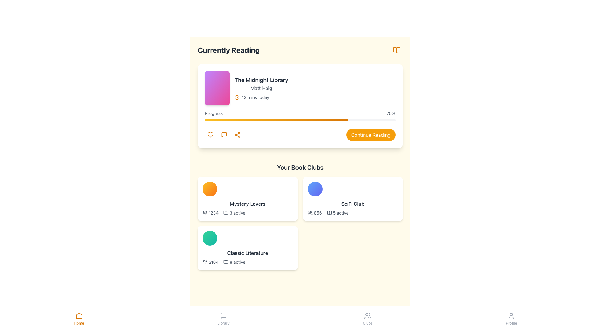 This screenshot has height=332, width=591. What do you see at coordinates (223, 323) in the screenshot?
I see `text label 'Library' located in the bottom navigation bar, positioned as the third item among four, with a book icon above it` at bounding box center [223, 323].